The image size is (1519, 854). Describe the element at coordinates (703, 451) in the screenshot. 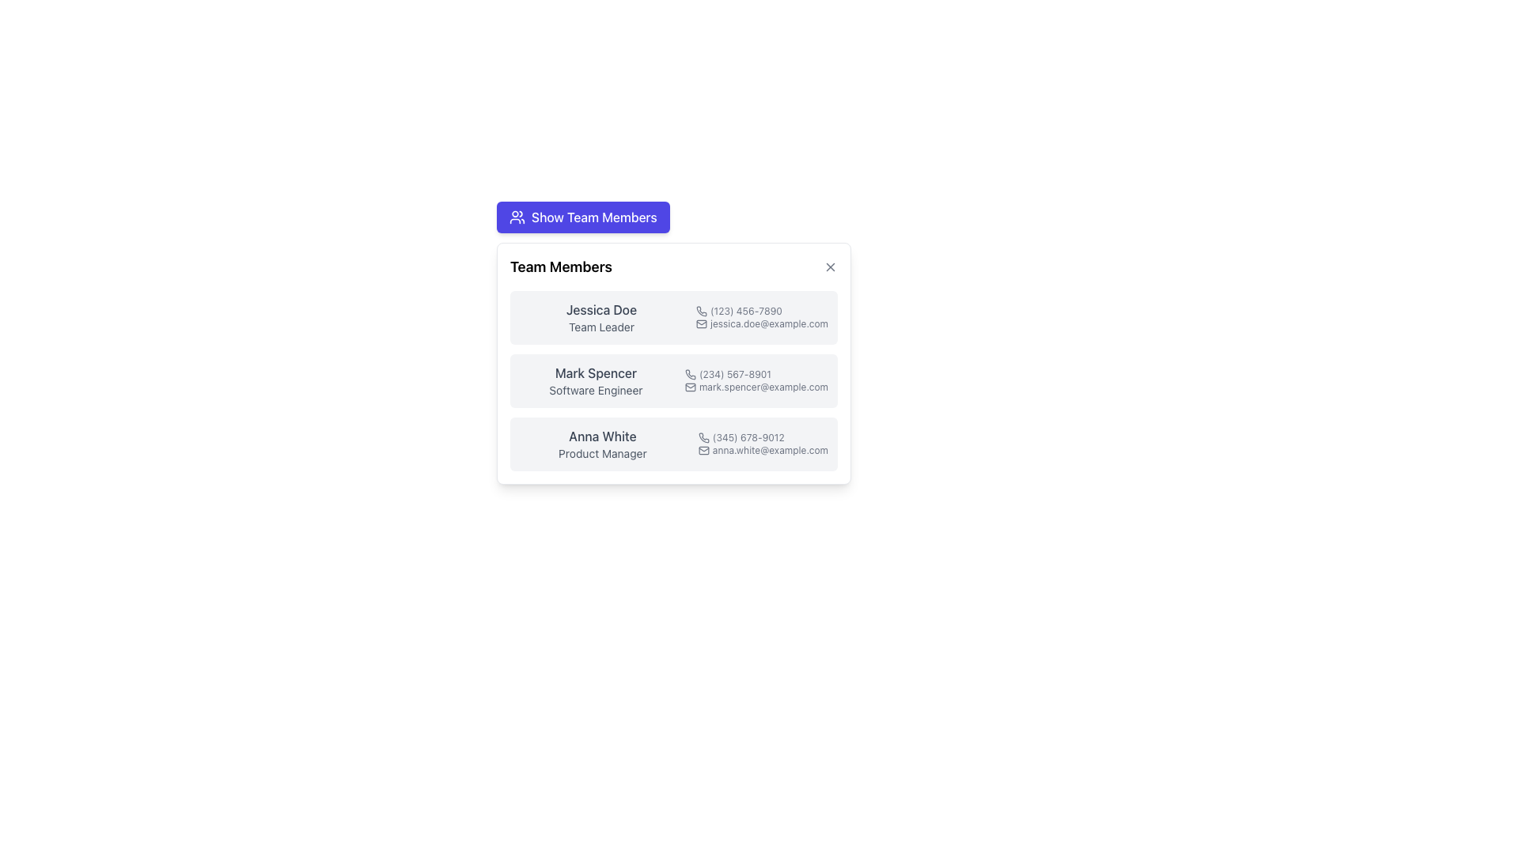

I see `the mail envelope icon located at the start of the email text 'anna.white@example.com' in the third row under 'Anna White' in the 'Team Members' pop-up panel` at that location.